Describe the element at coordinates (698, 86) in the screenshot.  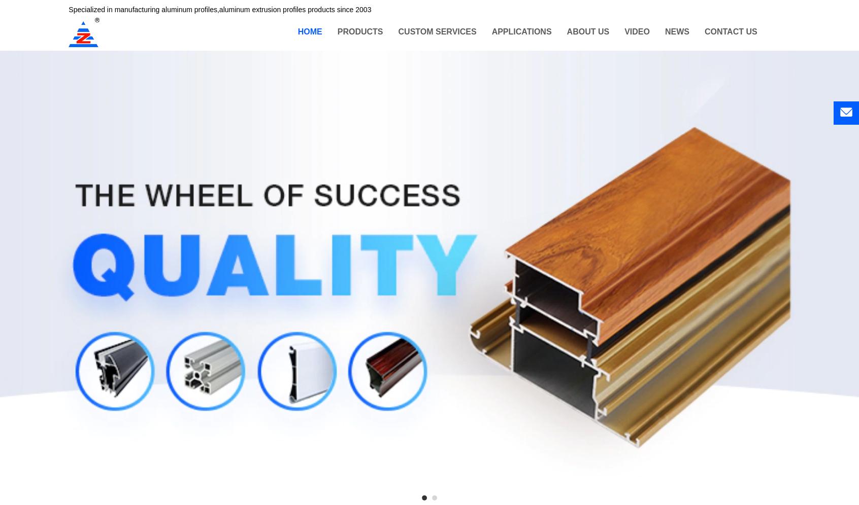
I see `'Company dynamics'` at that location.